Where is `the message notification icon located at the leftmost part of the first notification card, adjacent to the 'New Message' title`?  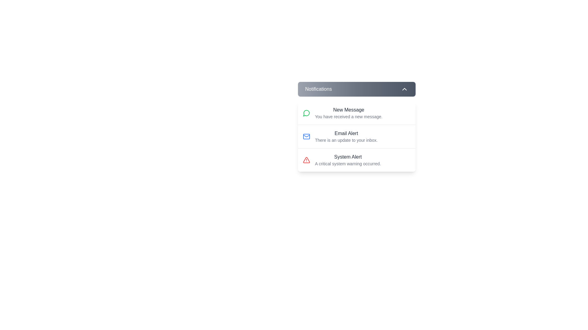 the message notification icon located at the leftmost part of the first notification card, adjacent to the 'New Message' title is located at coordinates (306, 113).